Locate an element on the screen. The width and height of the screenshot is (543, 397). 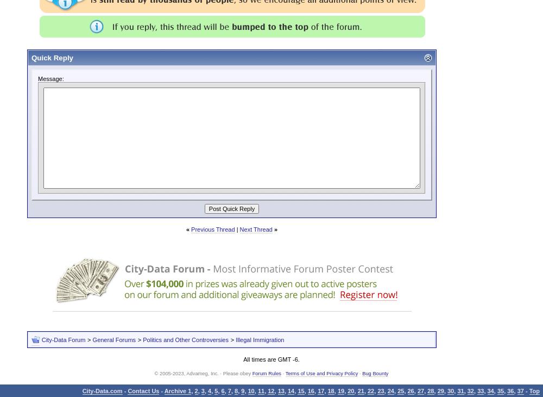
'Message:' is located at coordinates (50, 78).